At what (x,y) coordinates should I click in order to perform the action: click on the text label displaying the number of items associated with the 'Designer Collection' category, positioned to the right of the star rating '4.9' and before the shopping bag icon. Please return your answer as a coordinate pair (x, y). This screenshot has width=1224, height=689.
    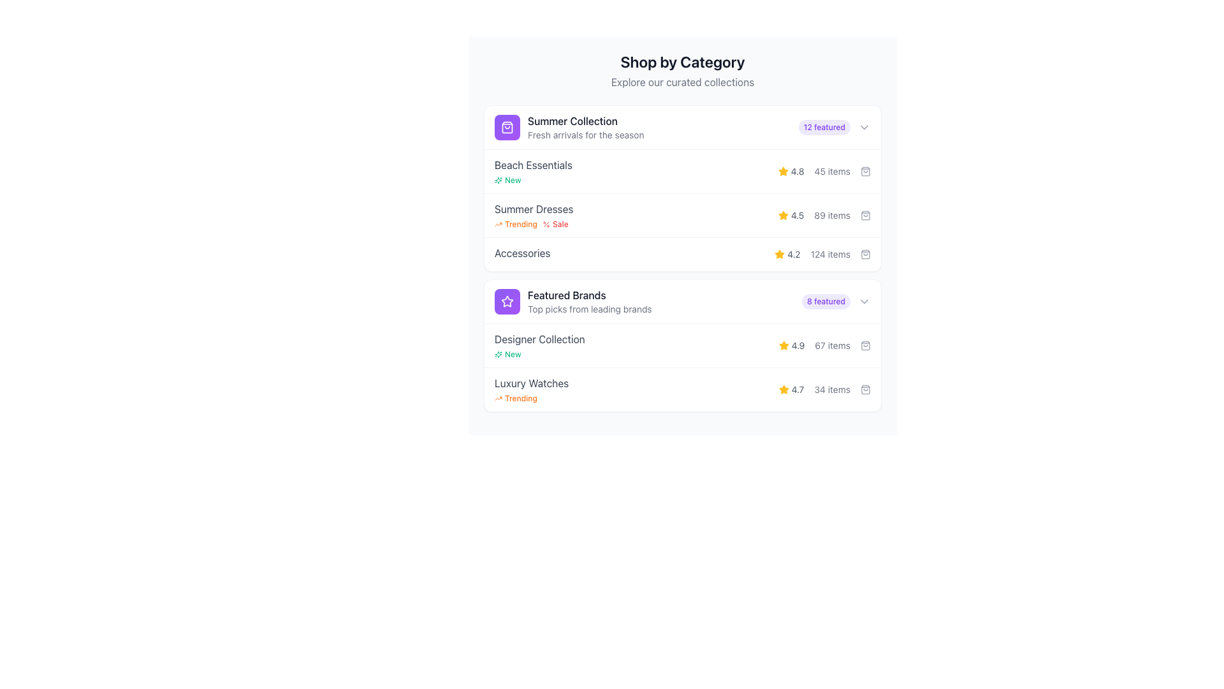
    Looking at the image, I should click on (833, 346).